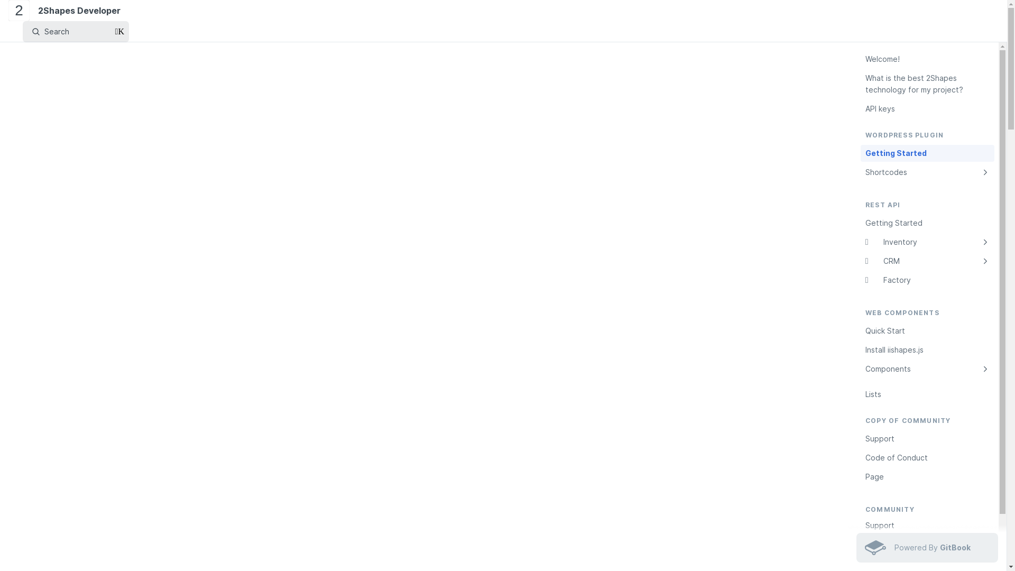 This screenshot has height=571, width=1015. What do you see at coordinates (927, 222) in the screenshot?
I see `'Getting Started'` at bounding box center [927, 222].